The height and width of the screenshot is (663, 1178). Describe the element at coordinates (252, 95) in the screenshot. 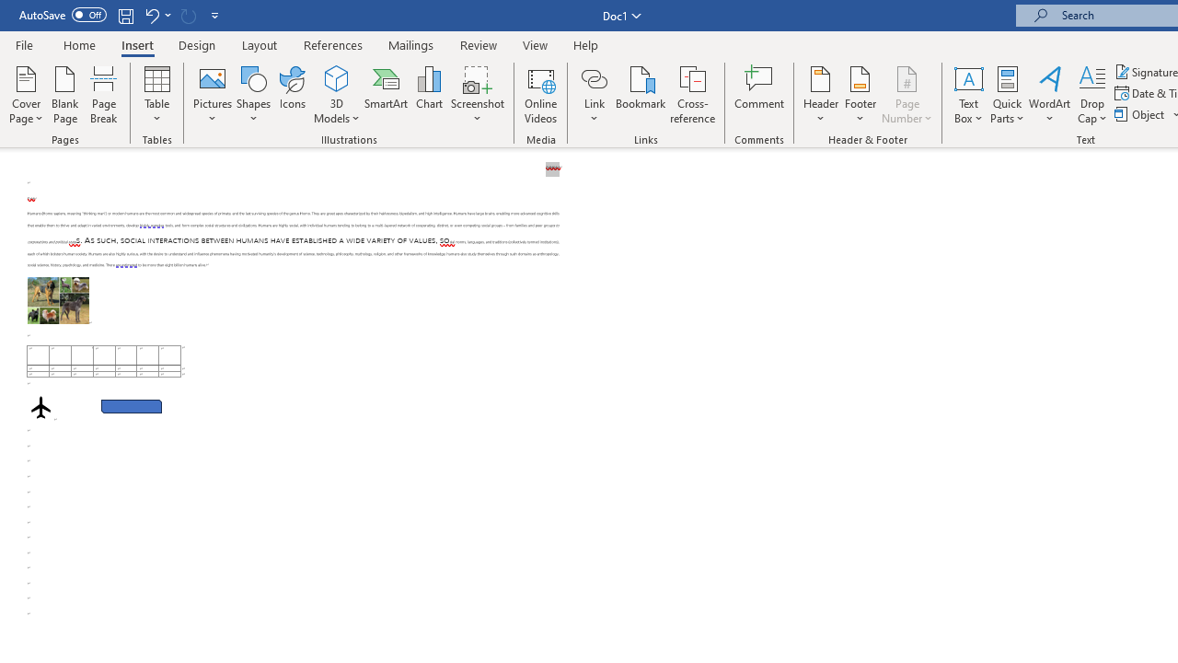

I see `'Shapes'` at that location.